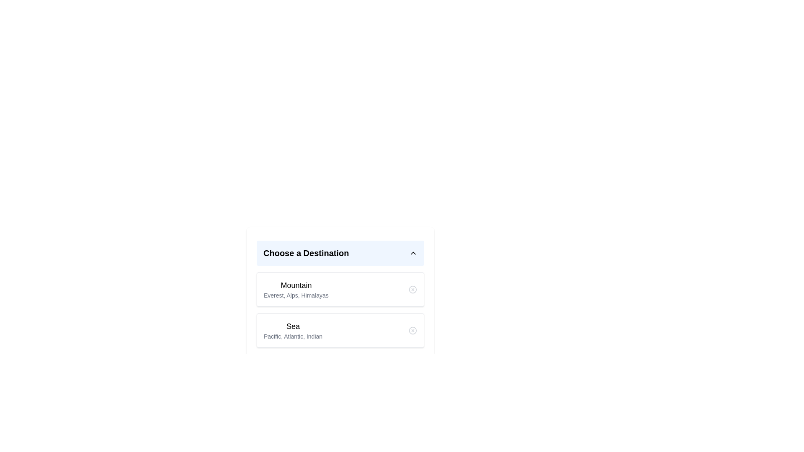  Describe the element at coordinates (412, 330) in the screenshot. I see `the main circle of the delete icon associated with the 'Sea' list item in the 'Choose a Destination' dropdown interface` at that location.